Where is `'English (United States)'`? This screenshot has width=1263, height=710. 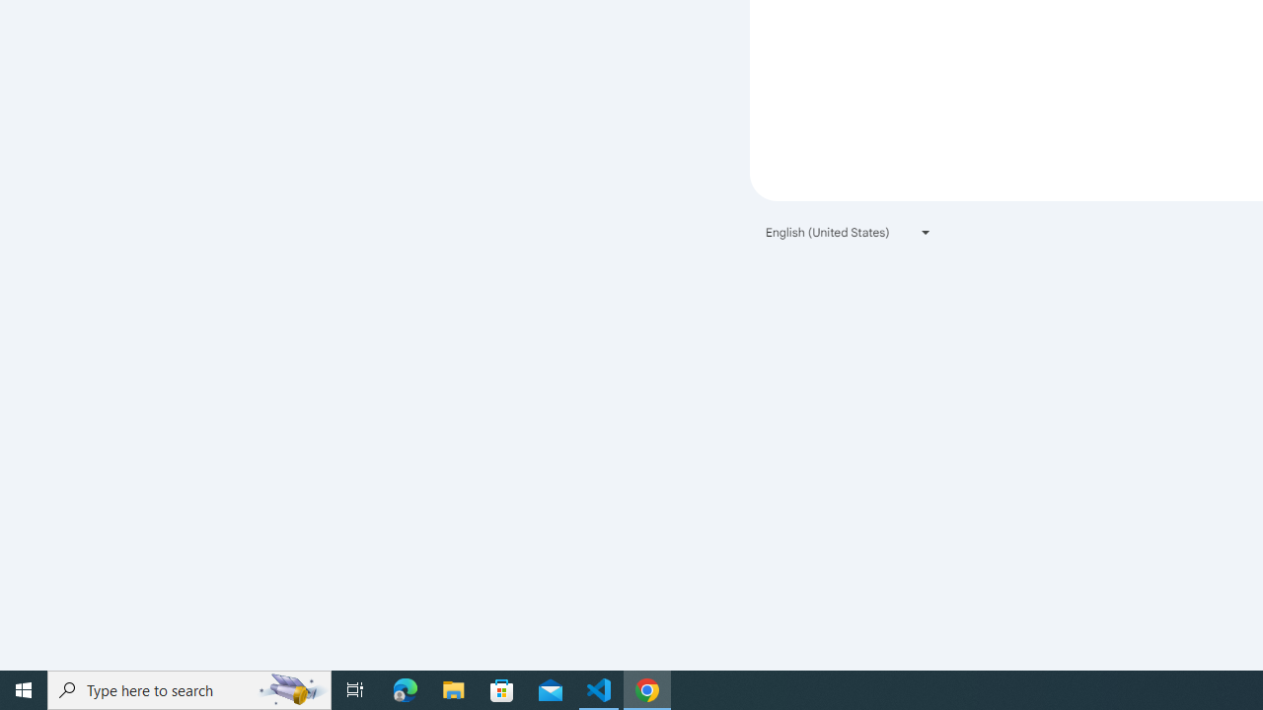 'English (United States)' is located at coordinates (849, 231).